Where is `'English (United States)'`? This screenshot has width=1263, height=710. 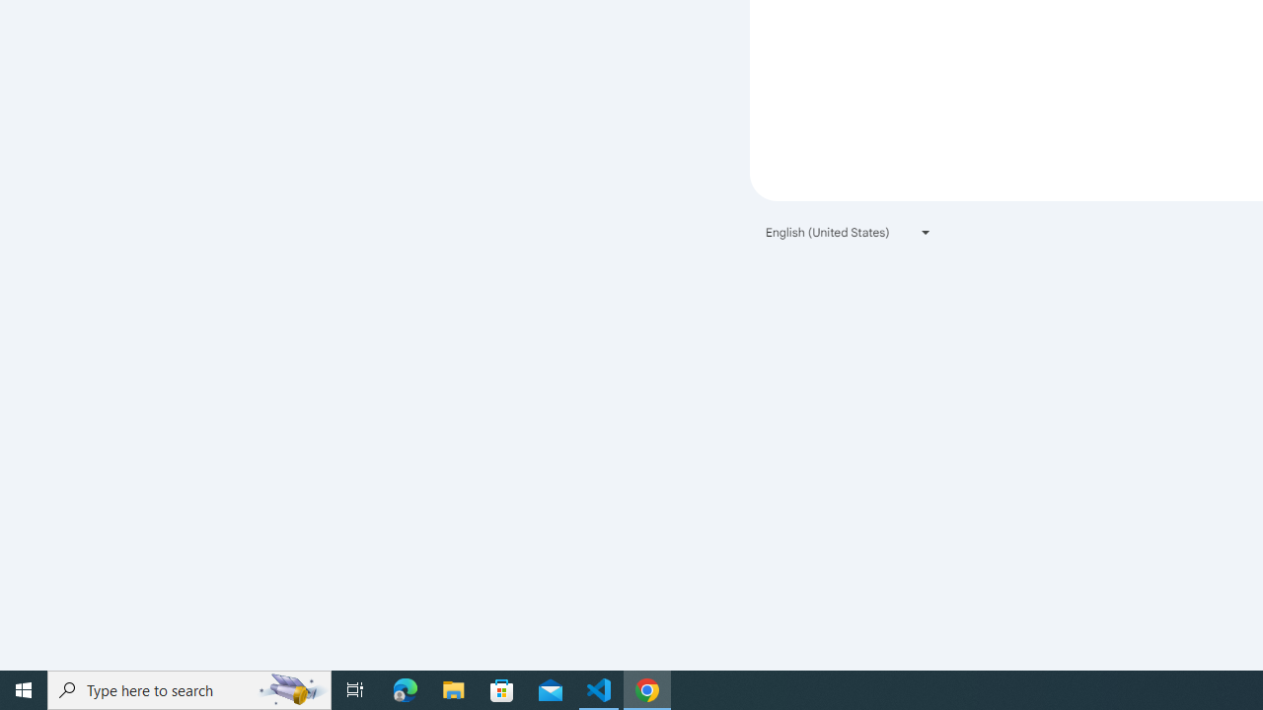 'English (United States)' is located at coordinates (849, 231).